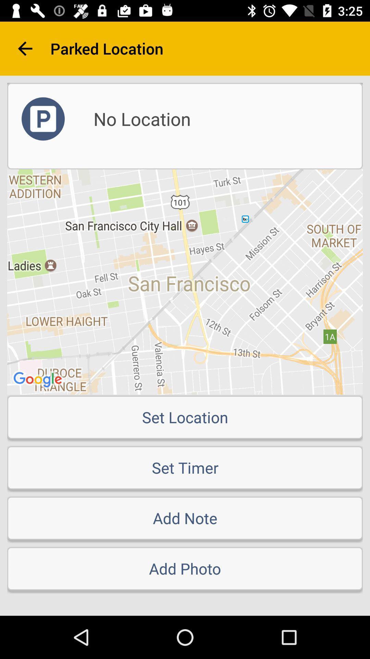 The width and height of the screenshot is (370, 659). What do you see at coordinates (185, 467) in the screenshot?
I see `set timer` at bounding box center [185, 467].